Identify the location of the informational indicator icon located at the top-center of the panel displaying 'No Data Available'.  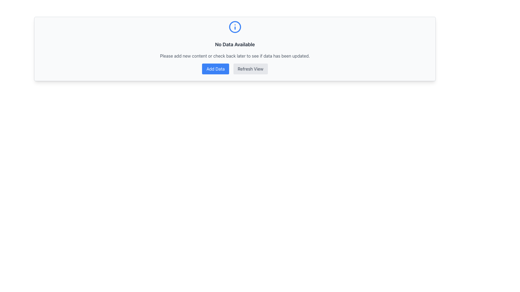
(235, 30).